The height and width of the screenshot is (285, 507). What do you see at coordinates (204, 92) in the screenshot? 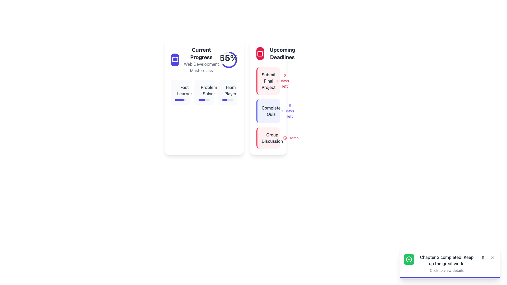
I see `the Grid section containing skill progress blocks` at bounding box center [204, 92].